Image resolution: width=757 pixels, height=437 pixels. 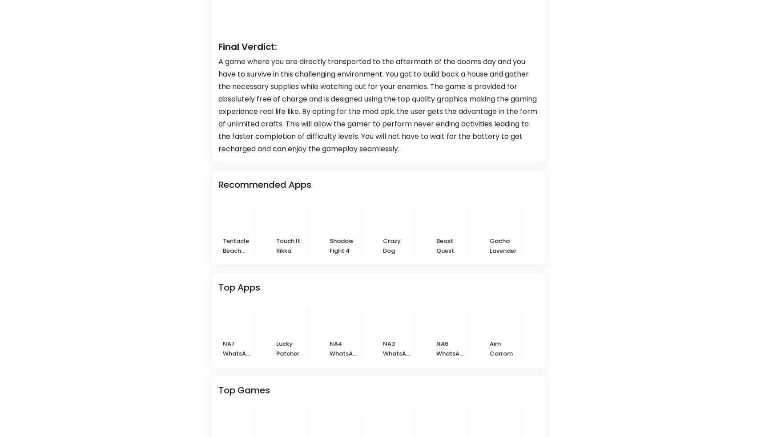 What do you see at coordinates (436, 245) in the screenshot?
I see `'Beast Quest'` at bounding box center [436, 245].